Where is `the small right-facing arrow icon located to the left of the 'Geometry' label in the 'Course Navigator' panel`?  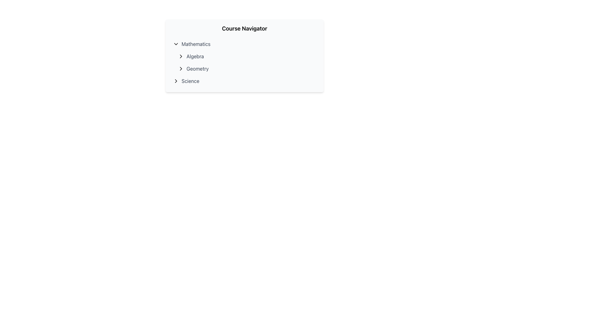
the small right-facing arrow icon located to the left of the 'Geometry' label in the 'Course Navigator' panel is located at coordinates (180, 69).